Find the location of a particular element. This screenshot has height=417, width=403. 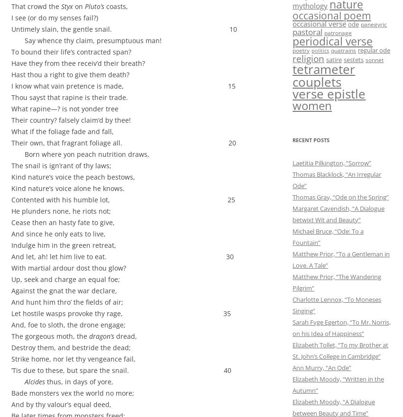

'Elizabeth Tollet, “To my Brother at St. John’s College in Cambridge”' is located at coordinates (292, 350).